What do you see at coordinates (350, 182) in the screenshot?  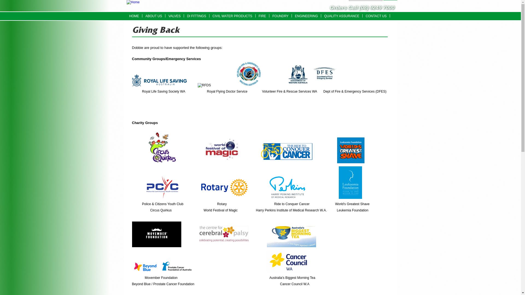 I see `'Leukaemia Foundation'` at bounding box center [350, 182].